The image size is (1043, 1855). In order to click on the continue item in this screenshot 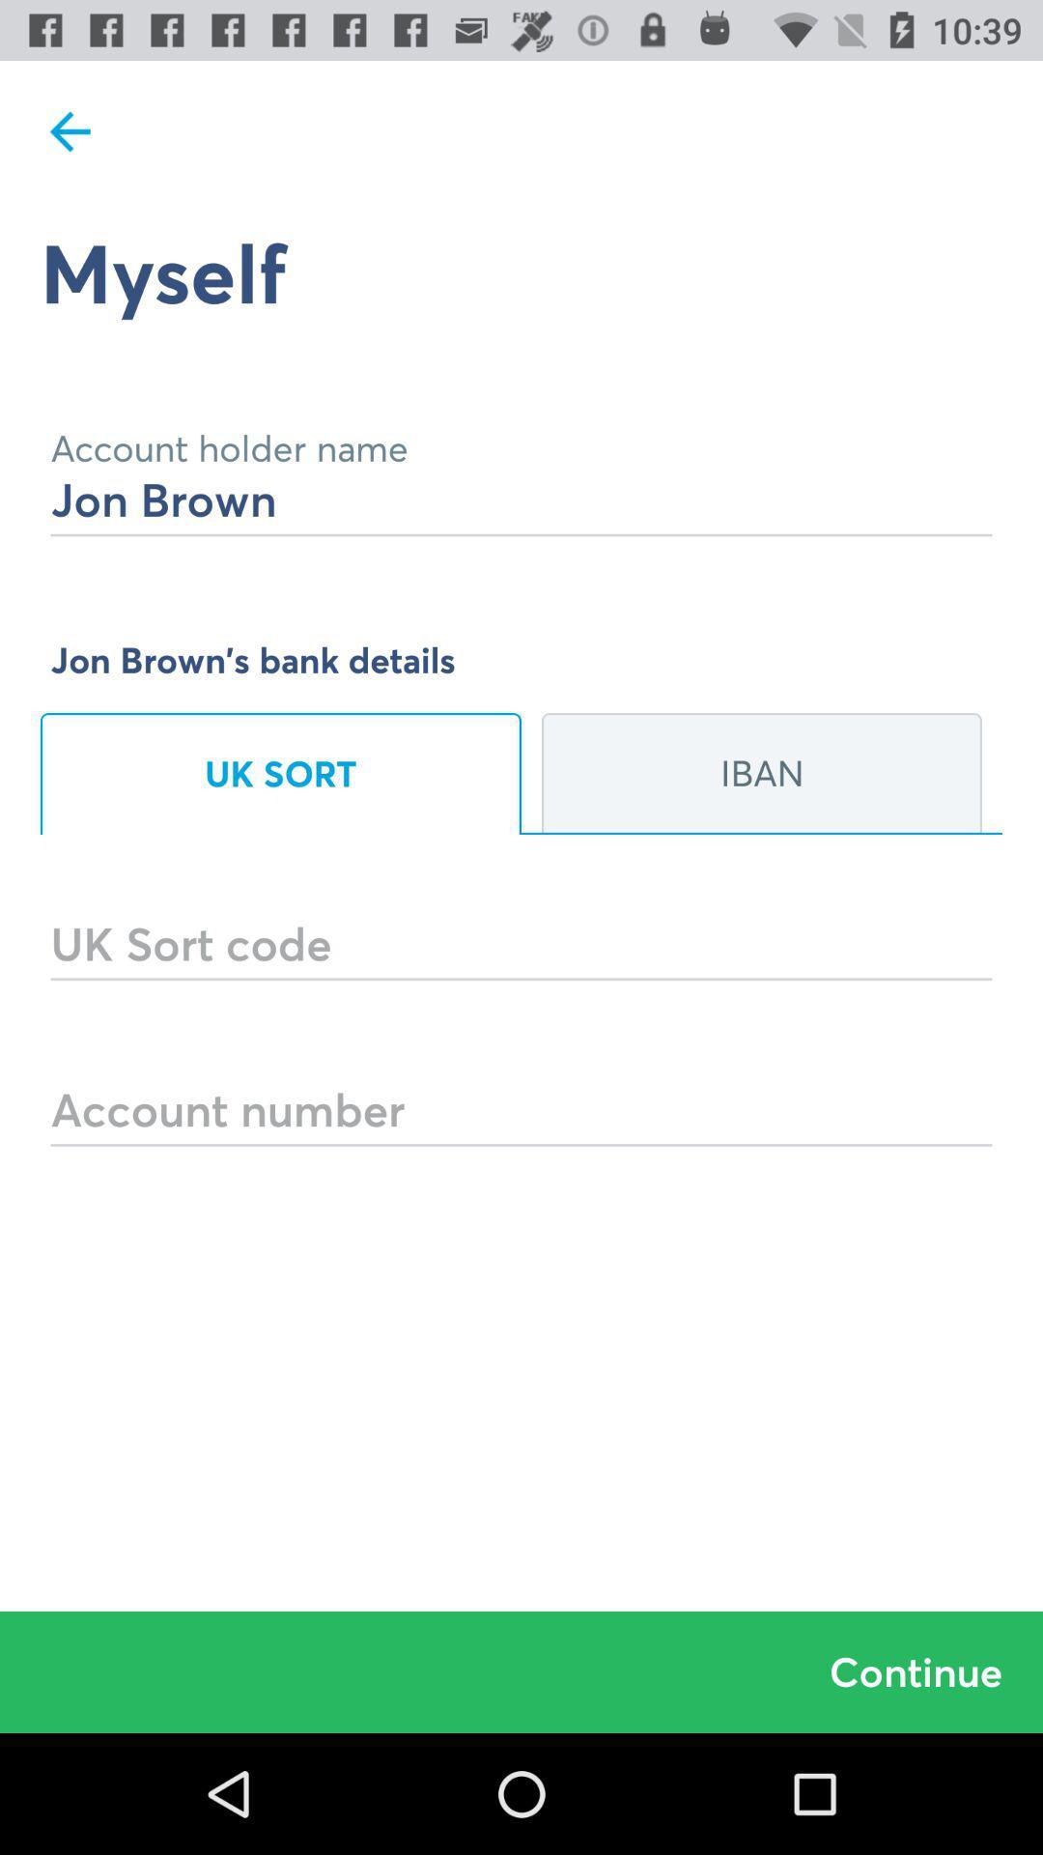, I will do `click(521, 1671)`.